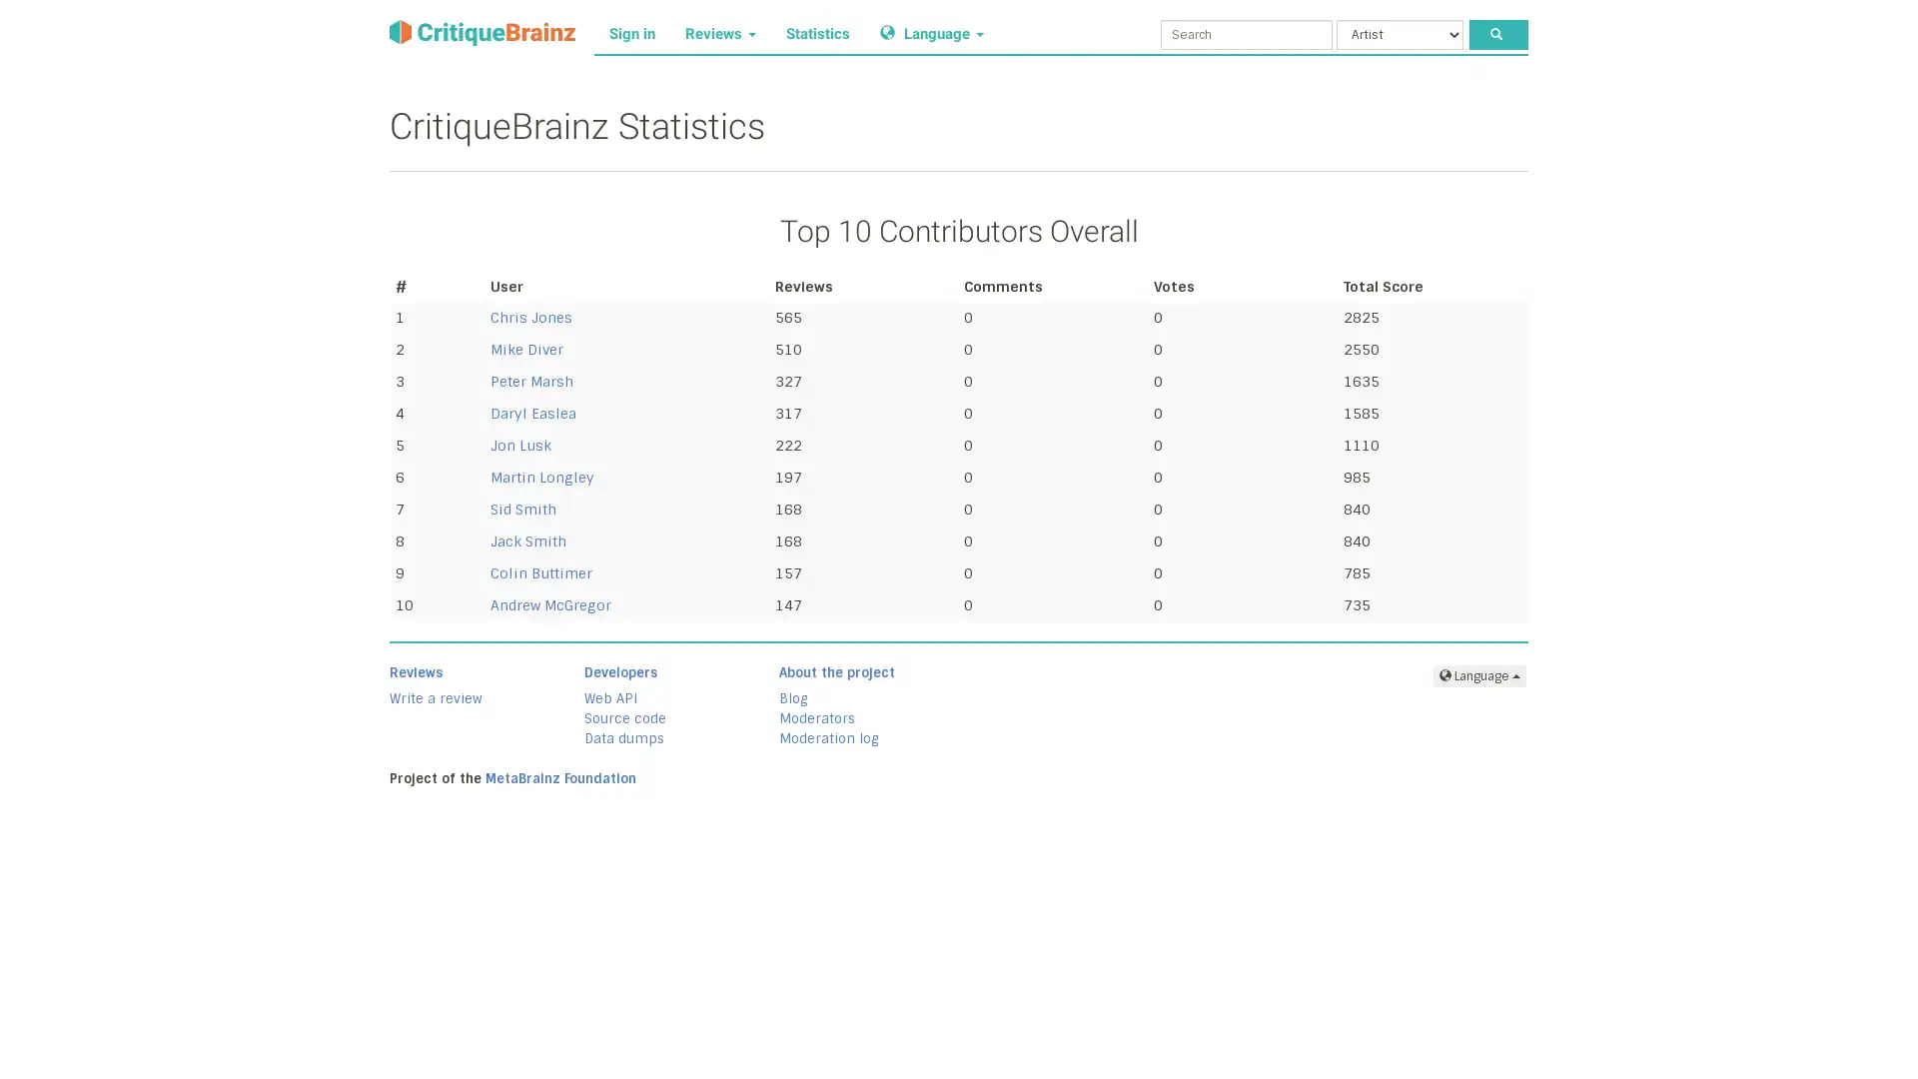 The image size is (1918, 1079). I want to click on Language, so click(1479, 674).